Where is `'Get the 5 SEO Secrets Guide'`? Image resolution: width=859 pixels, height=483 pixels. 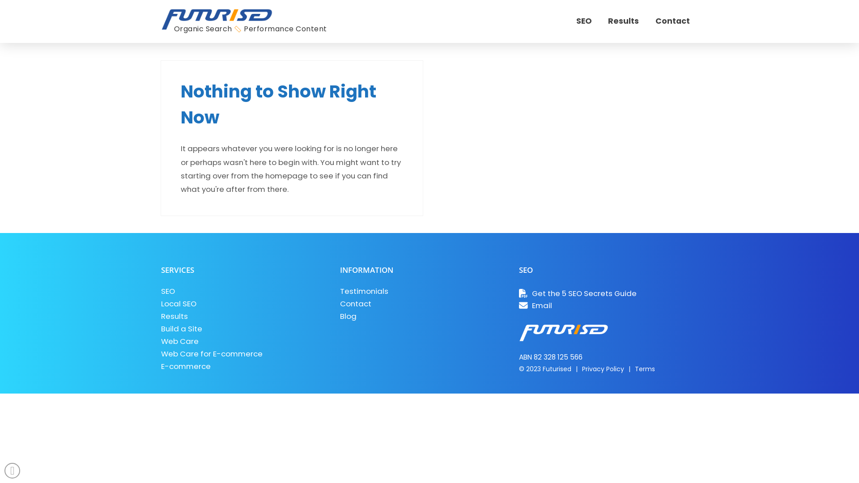 'Get the 5 SEO Secrets Guide' is located at coordinates (602, 293).